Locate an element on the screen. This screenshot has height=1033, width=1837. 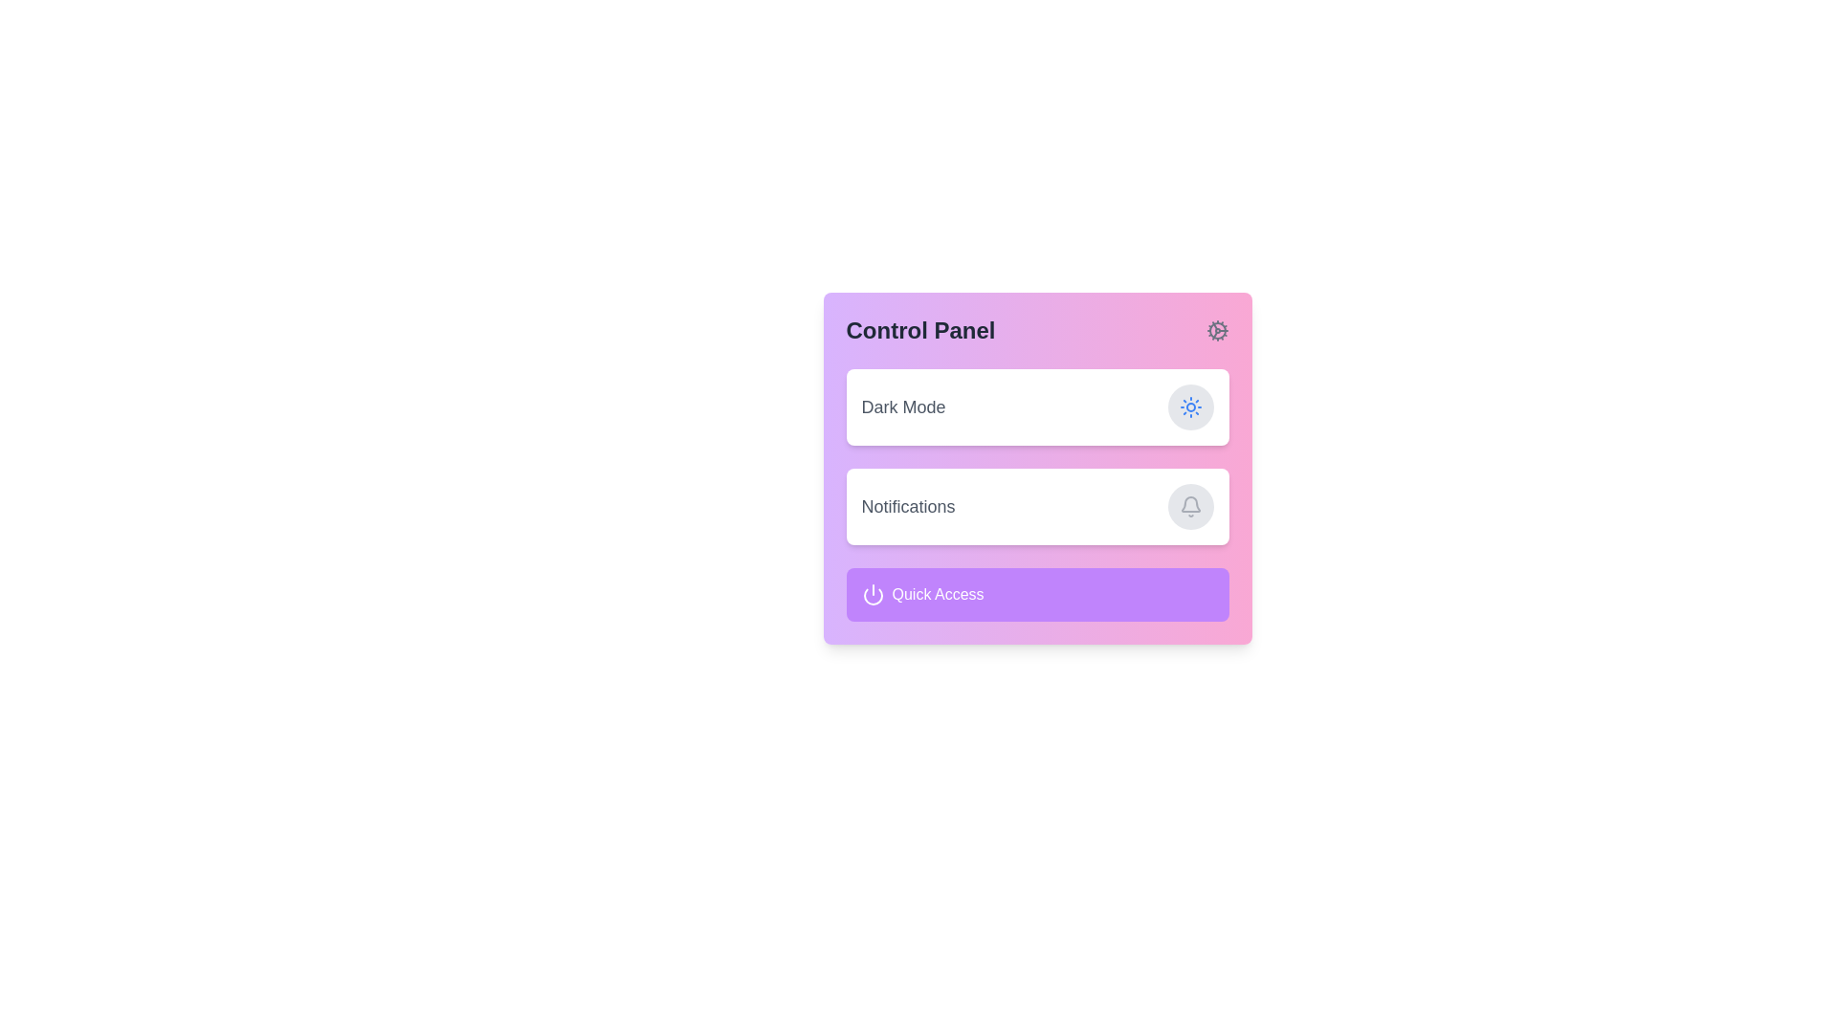
text label indicating 'Quick Access' which is positioned at the center-right side of a purple rounded rectangle, next to the power icon is located at coordinates (938, 593).